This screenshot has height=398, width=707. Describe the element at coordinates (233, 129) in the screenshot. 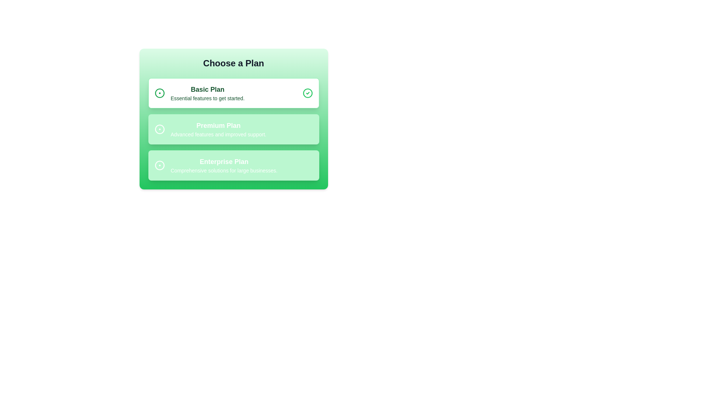

I see `one of the options in the vertically stacked selection menu located in the center of the UI layout, below the text 'Choose a Plan'` at that location.